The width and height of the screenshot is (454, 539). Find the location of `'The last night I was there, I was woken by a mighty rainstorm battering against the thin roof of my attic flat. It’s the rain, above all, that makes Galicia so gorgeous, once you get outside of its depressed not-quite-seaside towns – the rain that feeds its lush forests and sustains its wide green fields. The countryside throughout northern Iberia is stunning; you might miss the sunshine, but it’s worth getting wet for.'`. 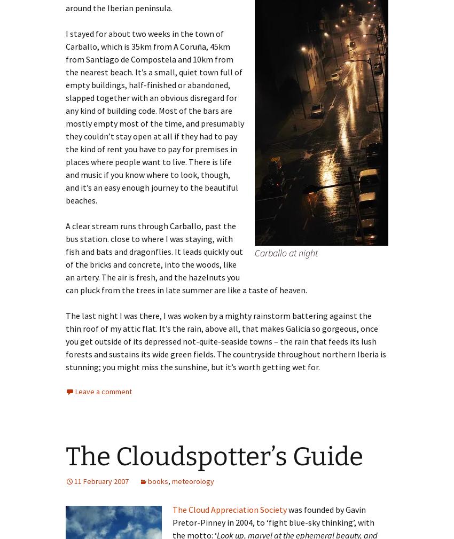

'The last night I was there, I was woken by a mighty rainstorm battering against the thin roof of my attic flat. It’s the rain, above all, that makes Galicia so gorgeous, once you get outside of its depressed not-quite-seaside towns – the rain that feeds its lush forests and sustains its wide green fields. The countryside throughout northern Iberia is stunning; you might miss the sunshine, but it’s worth getting wet for.' is located at coordinates (225, 340).